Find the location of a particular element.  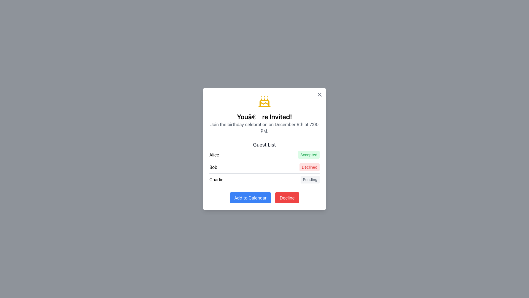

the text element displaying 'You’re Invited!', which is centrally positioned within a dialog box below a cake icon is located at coordinates (264, 116).